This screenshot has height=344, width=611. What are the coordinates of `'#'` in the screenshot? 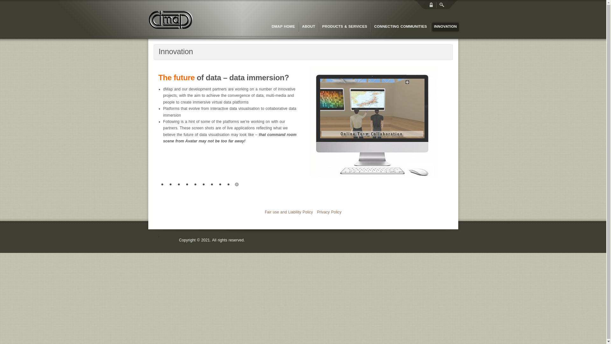 It's located at (236, 184).